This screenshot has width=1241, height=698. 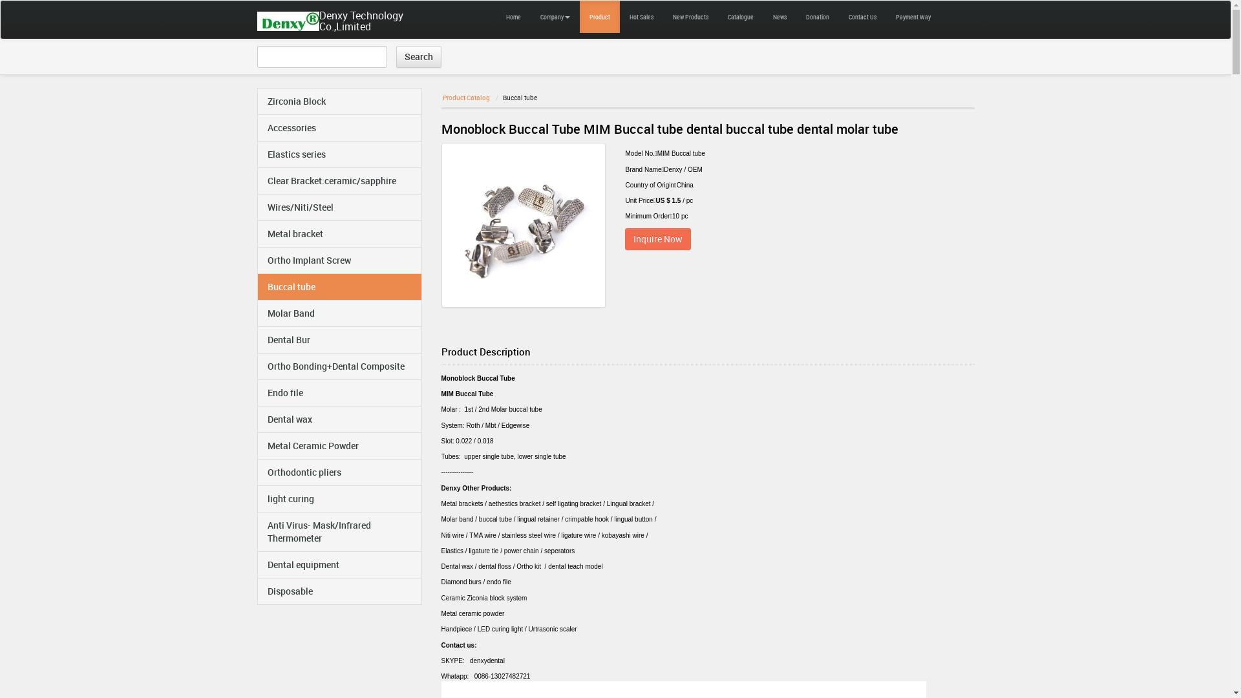 What do you see at coordinates (377, 19) in the screenshot?
I see `'Denxy Technology Co.,Limited'` at bounding box center [377, 19].